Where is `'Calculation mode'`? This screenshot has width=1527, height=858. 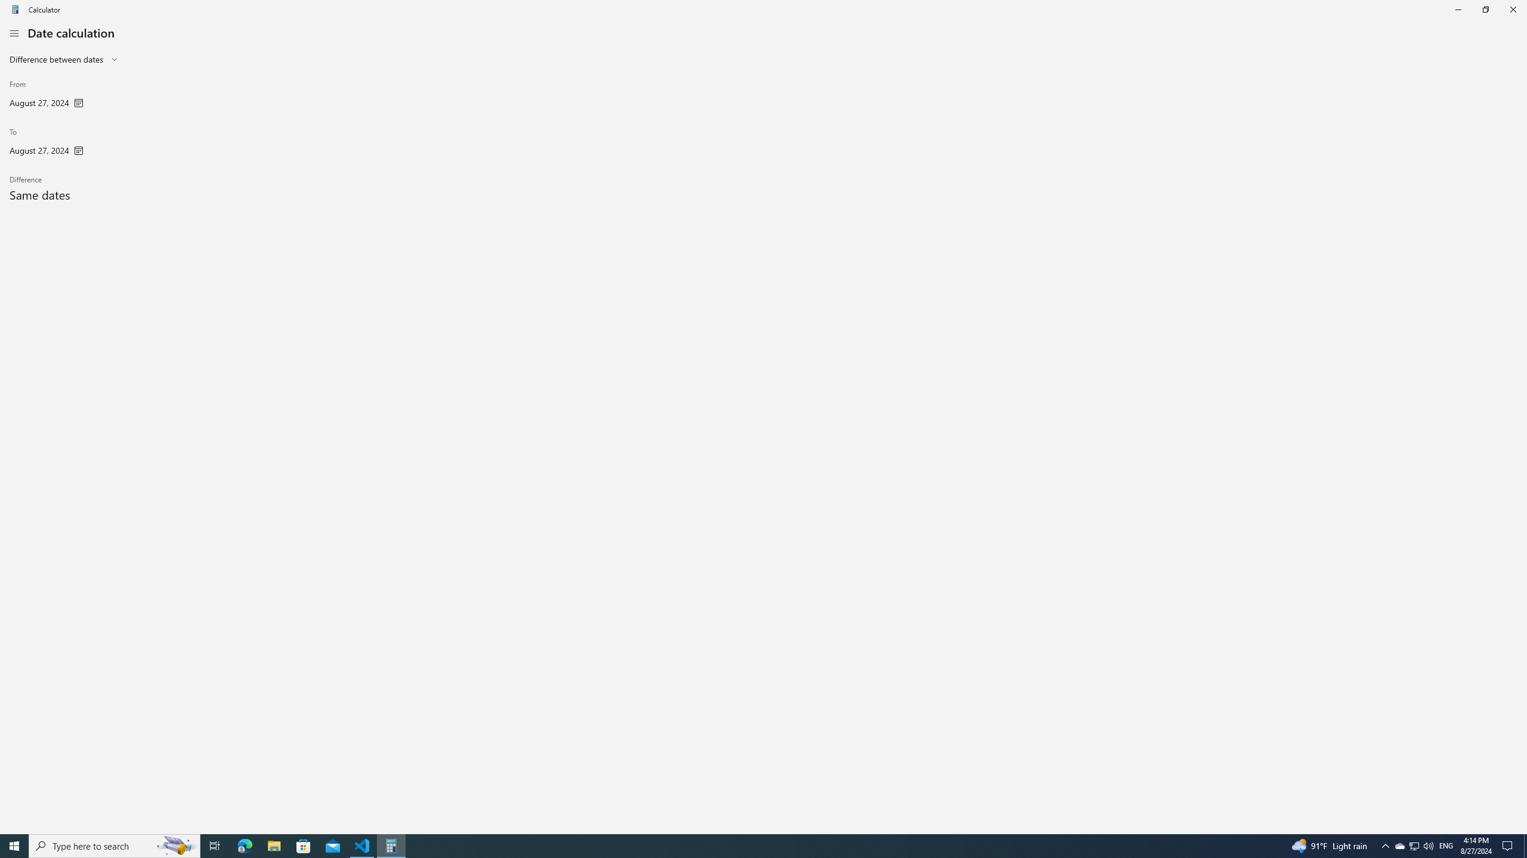 'Calculation mode' is located at coordinates (63, 59).